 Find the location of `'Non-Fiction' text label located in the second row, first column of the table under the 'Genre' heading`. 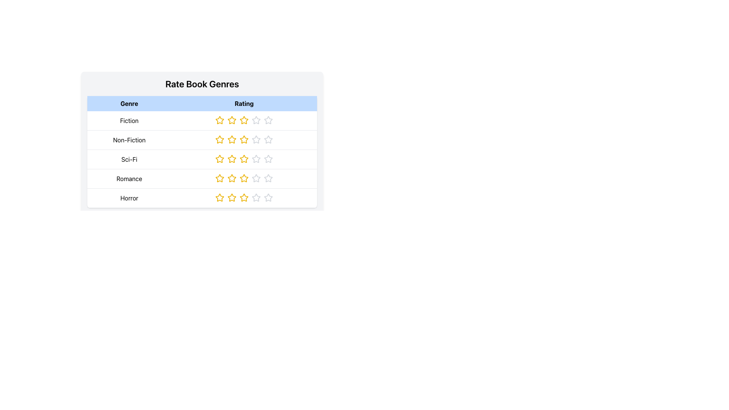

'Non-Fiction' text label located in the second row, first column of the table under the 'Genre' heading is located at coordinates (129, 140).